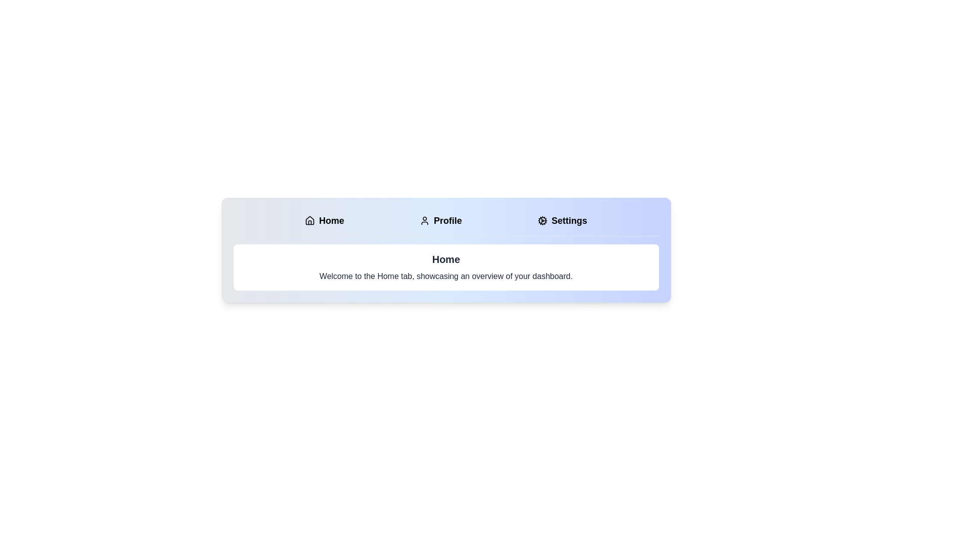 The height and width of the screenshot is (542, 963). What do you see at coordinates (440, 220) in the screenshot?
I see `the navigation button that serves to switch to the 'Profile' section of the application, located as the second item in the navigation menu` at bounding box center [440, 220].